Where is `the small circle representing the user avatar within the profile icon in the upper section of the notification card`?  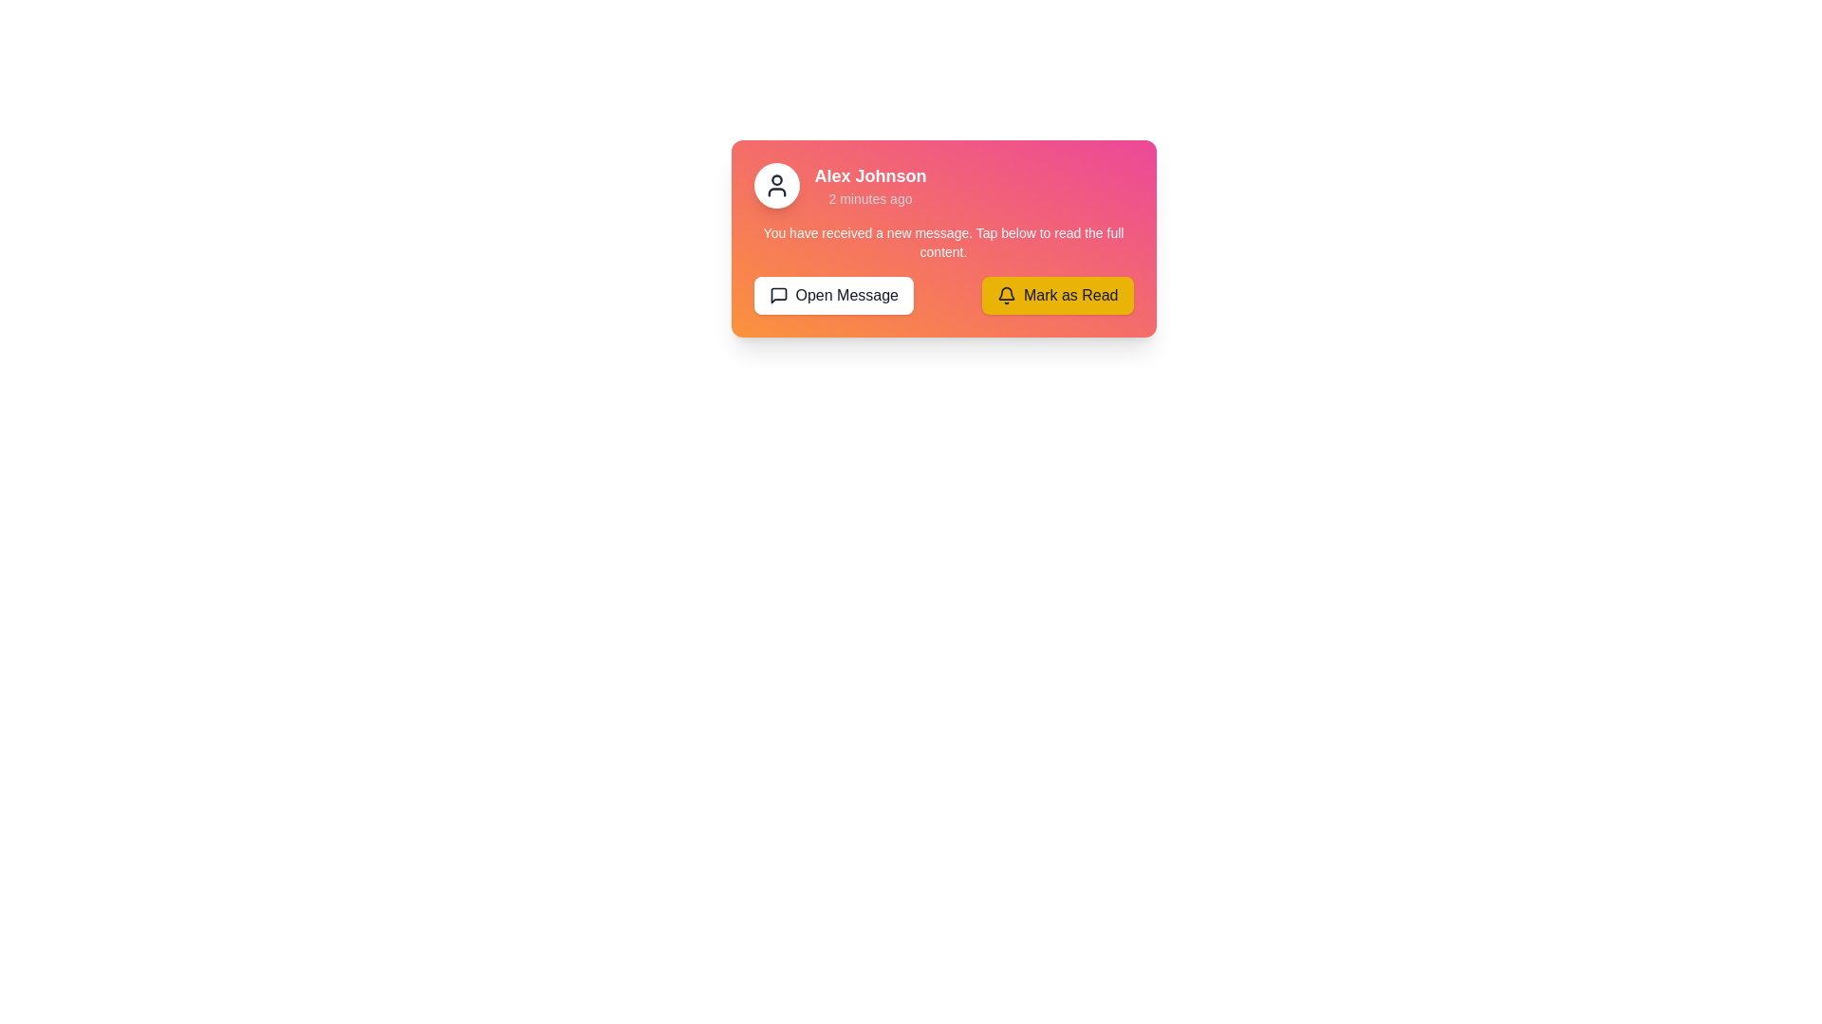
the small circle representing the user avatar within the profile icon in the upper section of the notification card is located at coordinates (776, 180).